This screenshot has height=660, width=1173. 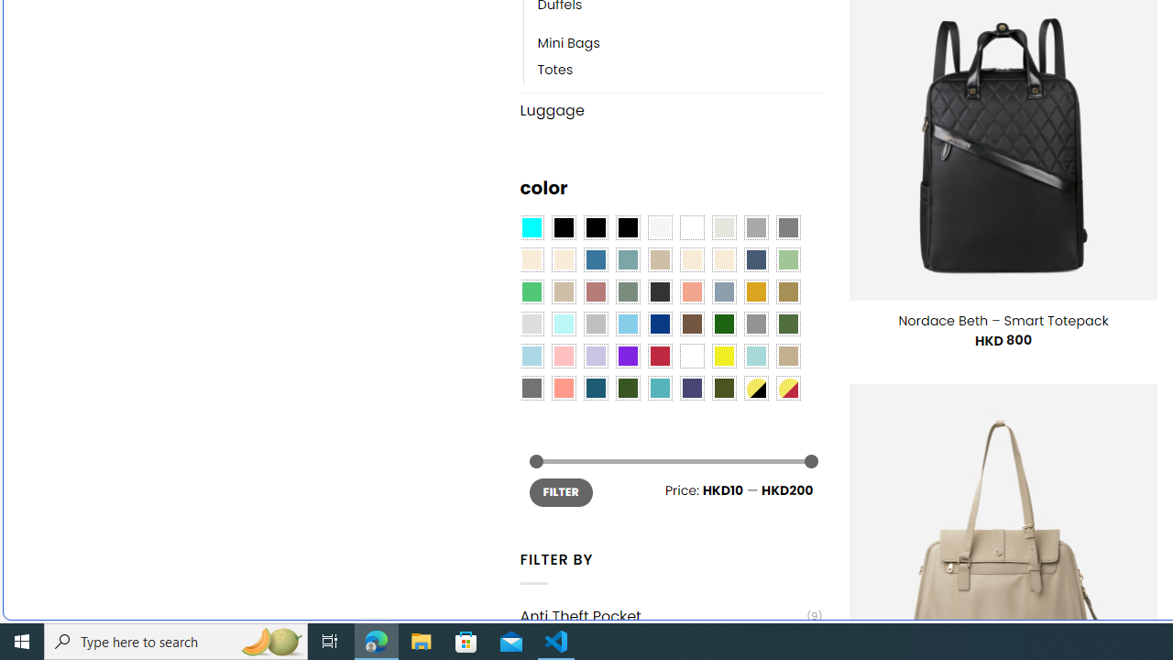 I want to click on 'Ash Gray', so click(x=722, y=227).